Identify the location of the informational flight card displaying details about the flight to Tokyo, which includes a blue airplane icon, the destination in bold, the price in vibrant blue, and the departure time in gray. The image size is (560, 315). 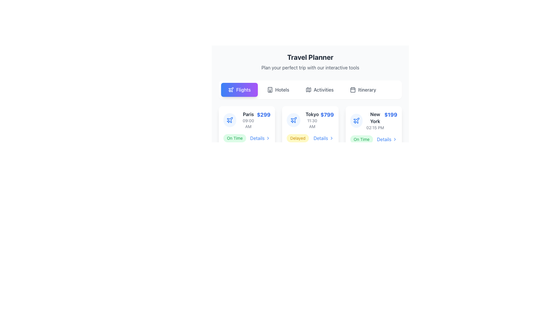
(310, 120).